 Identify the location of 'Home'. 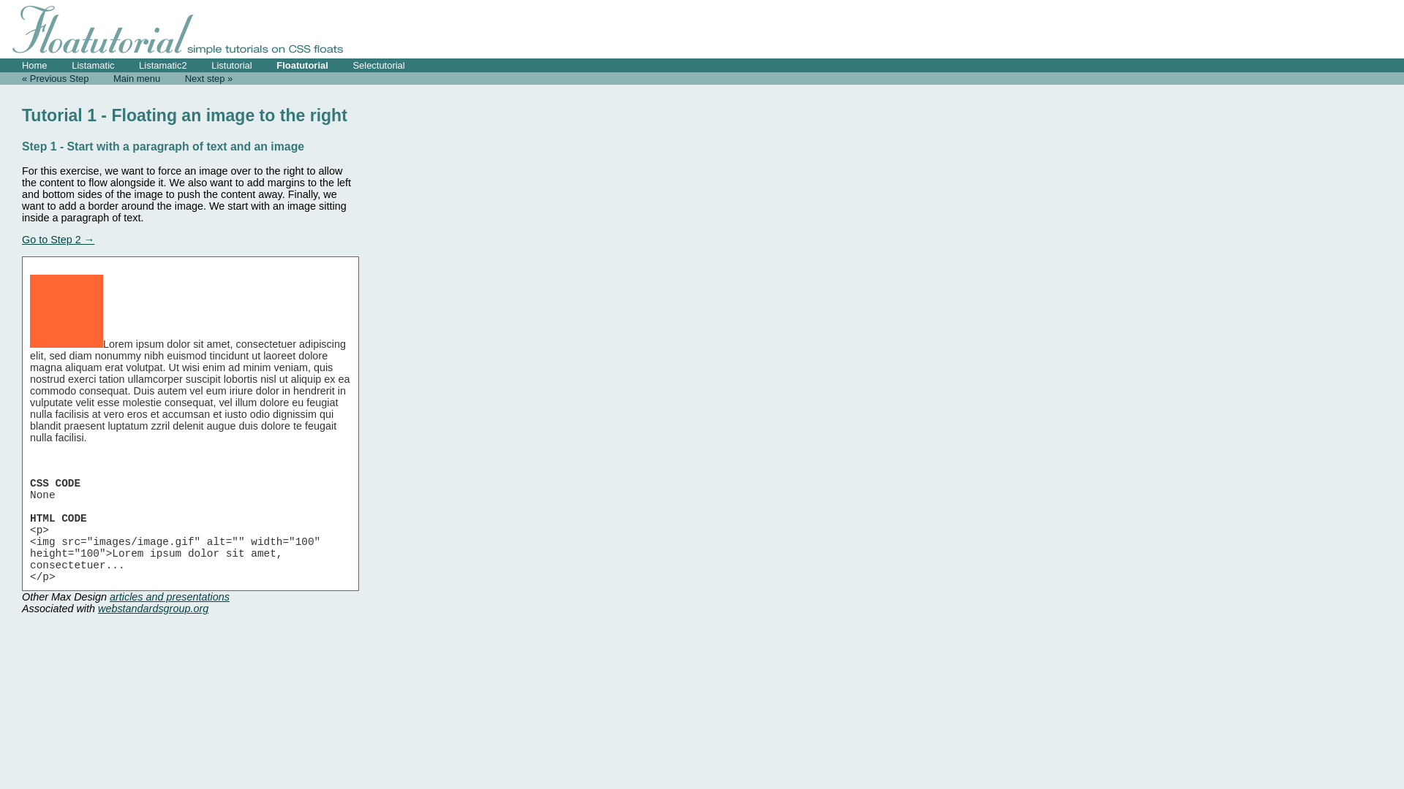
(34, 64).